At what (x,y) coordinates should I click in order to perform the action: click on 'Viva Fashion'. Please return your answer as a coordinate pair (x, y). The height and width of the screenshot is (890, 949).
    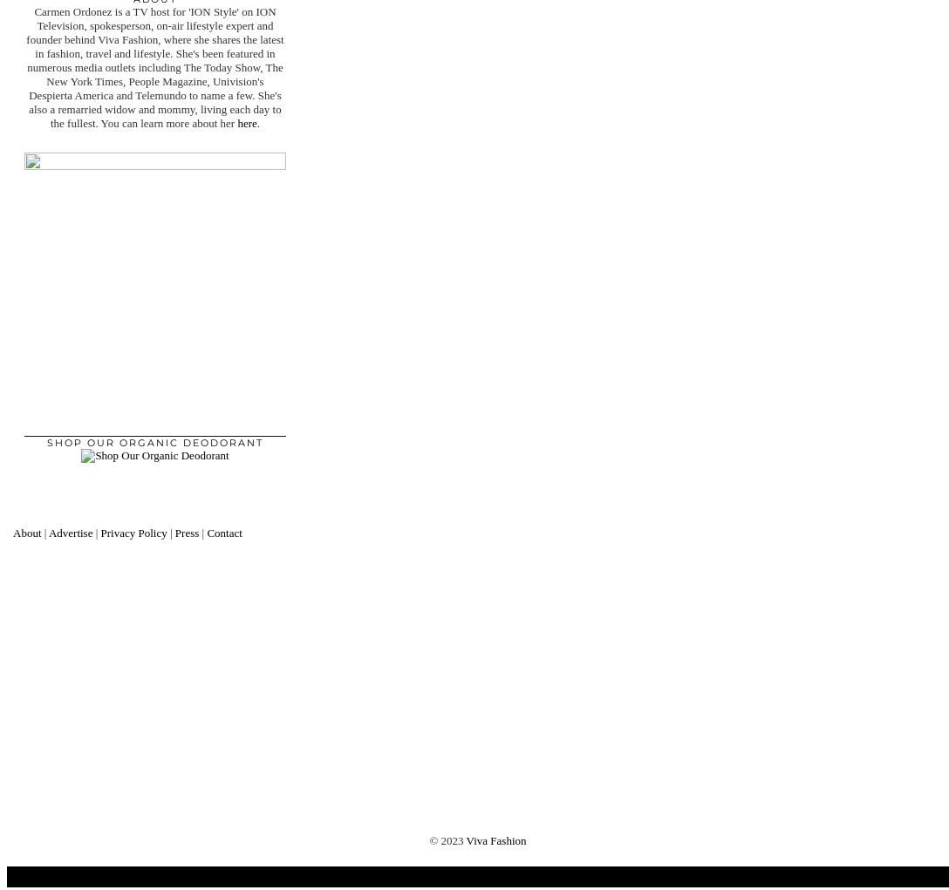
    Looking at the image, I should click on (495, 839).